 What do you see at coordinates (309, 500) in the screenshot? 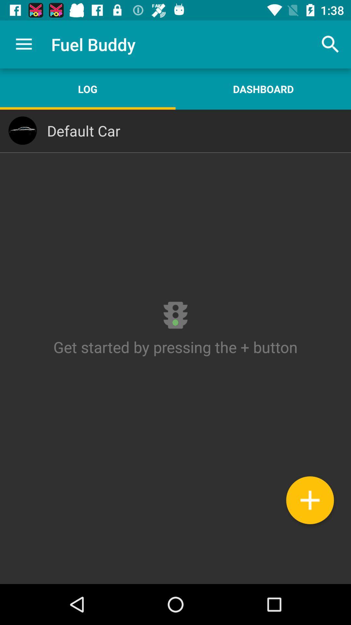
I see `car` at bounding box center [309, 500].